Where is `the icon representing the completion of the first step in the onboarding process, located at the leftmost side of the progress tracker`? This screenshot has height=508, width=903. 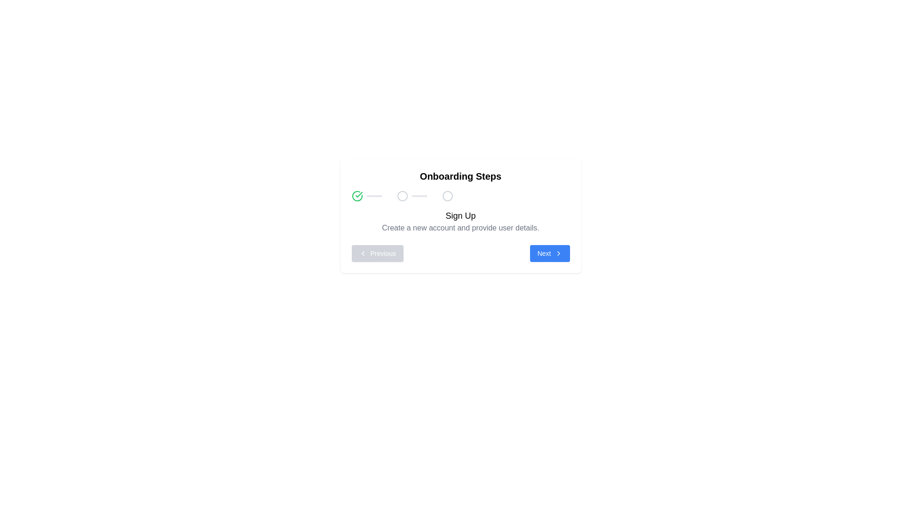 the icon representing the completion of the first step in the onboarding process, located at the leftmost side of the progress tracker is located at coordinates (356, 195).